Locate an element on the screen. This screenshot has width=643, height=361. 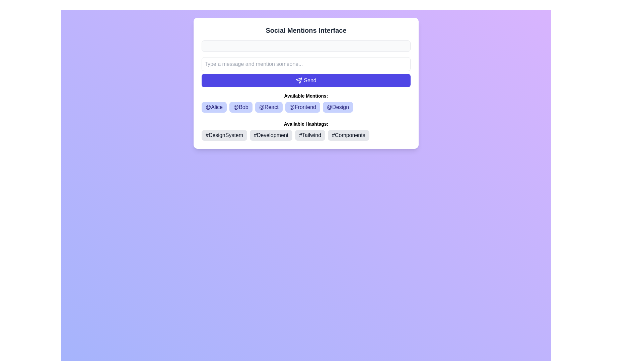
the 'Send' button that contains the paper airplane icon to send a message is located at coordinates (299, 80).